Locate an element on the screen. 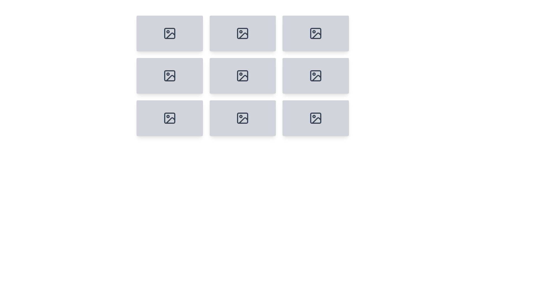 Image resolution: width=536 pixels, height=301 pixels. the tooltip-like overlay that provides descriptive information about the associated image in the second tile of the first row is located at coordinates (243, 39).